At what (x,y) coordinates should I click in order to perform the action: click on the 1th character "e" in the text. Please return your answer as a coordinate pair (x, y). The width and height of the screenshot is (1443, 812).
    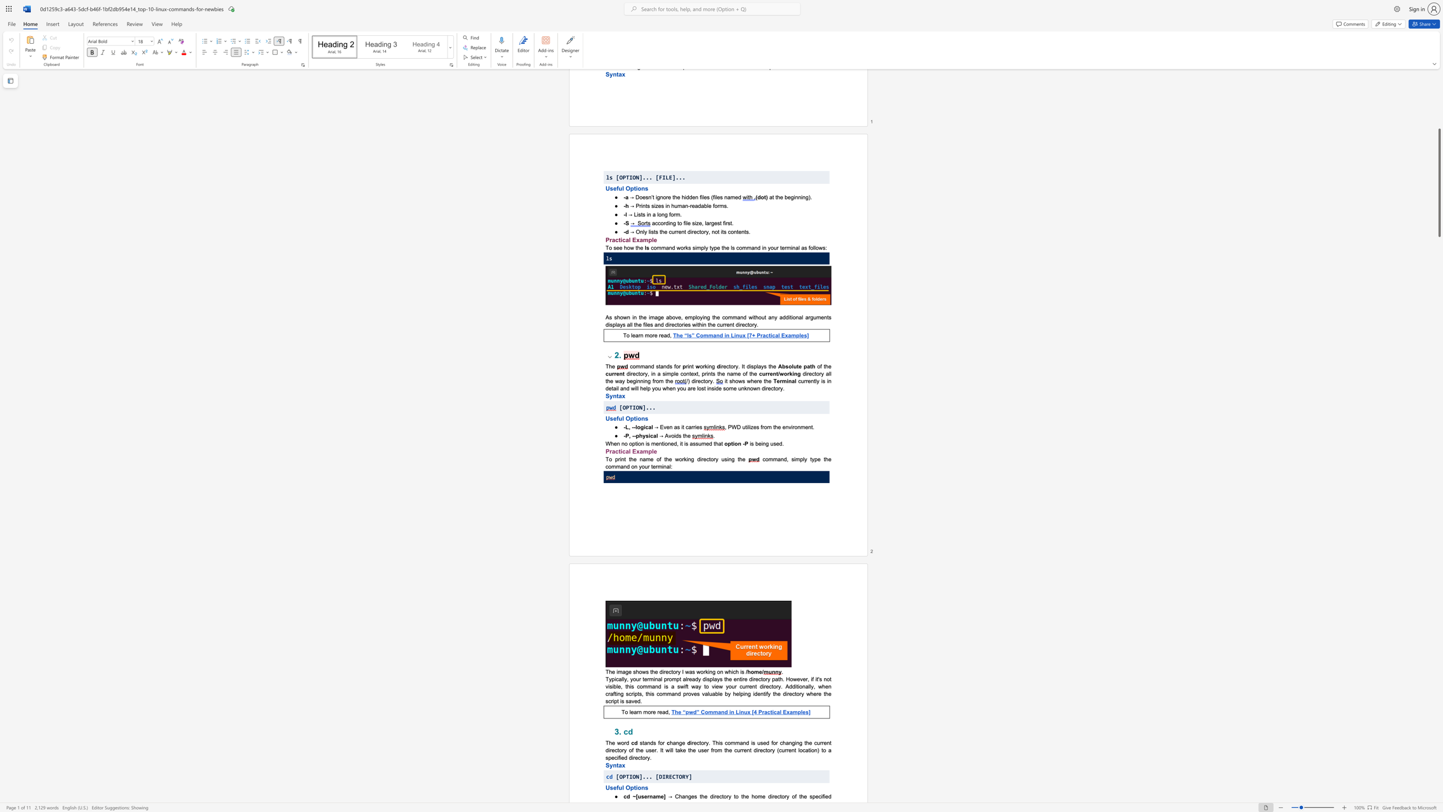
    Looking at the image, I should click on (689, 435).